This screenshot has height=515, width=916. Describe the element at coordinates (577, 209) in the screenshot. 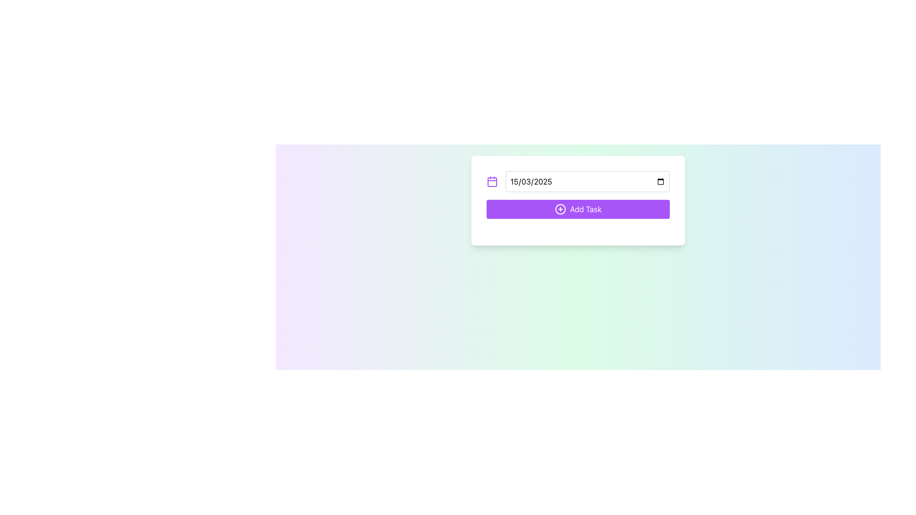

I see `the 'Add Task' button with a vivid purple background and rounded corners, which displays the text 'Add Task' in white and a white plus icon on the left side` at that location.